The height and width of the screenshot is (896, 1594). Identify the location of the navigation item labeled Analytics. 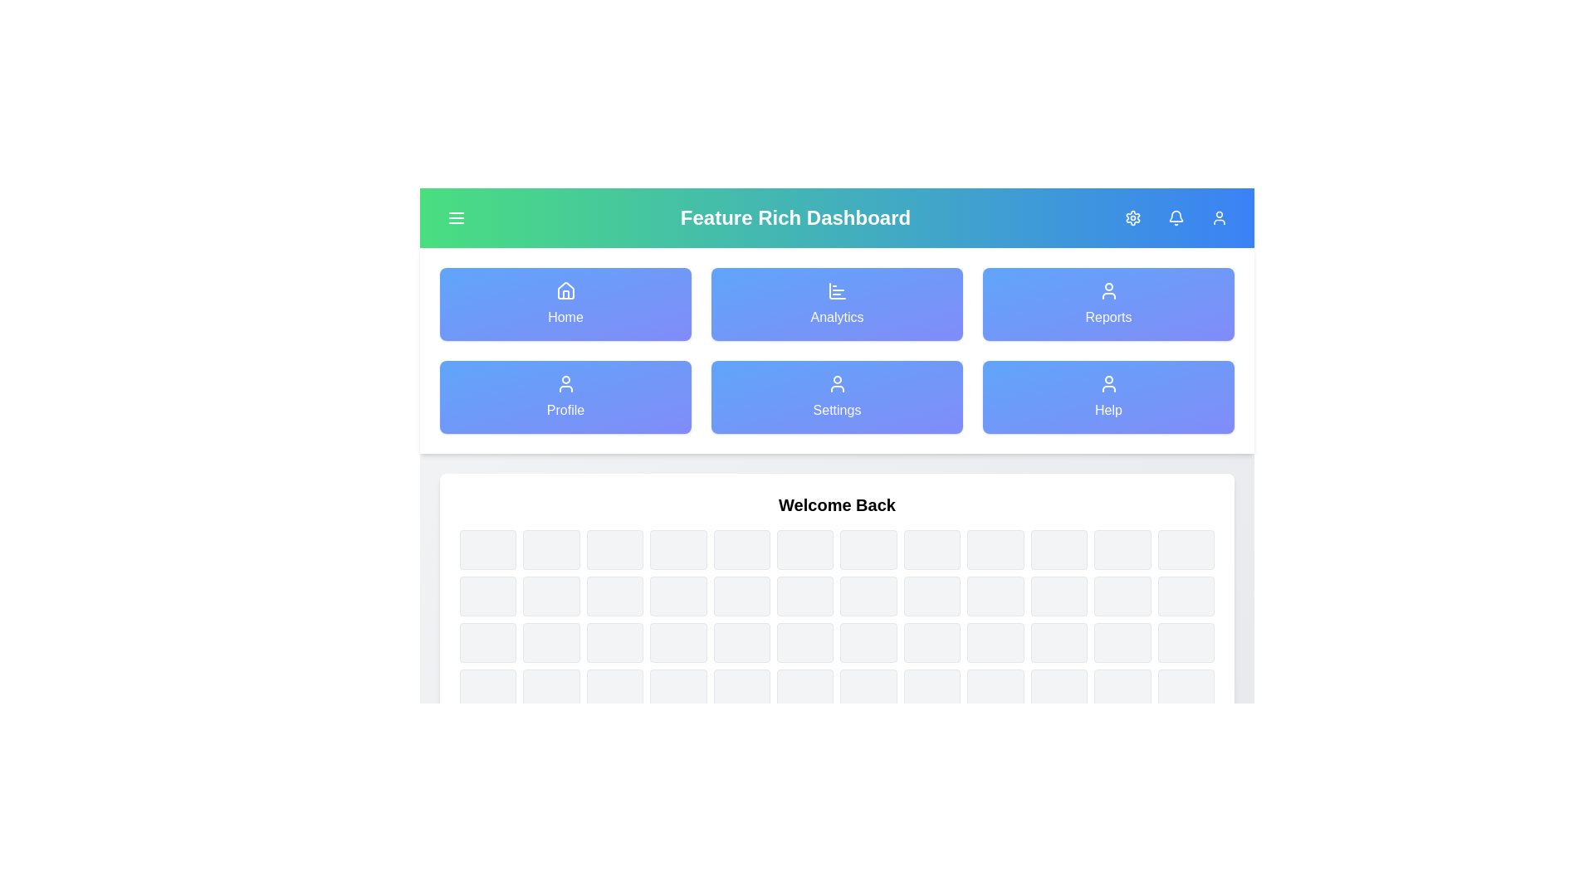
(837, 304).